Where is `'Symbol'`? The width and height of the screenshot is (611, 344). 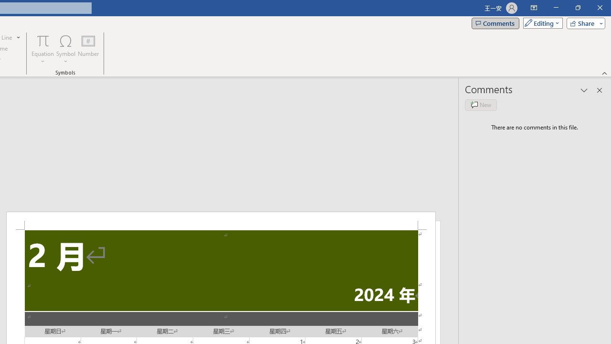 'Symbol' is located at coordinates (65, 49).